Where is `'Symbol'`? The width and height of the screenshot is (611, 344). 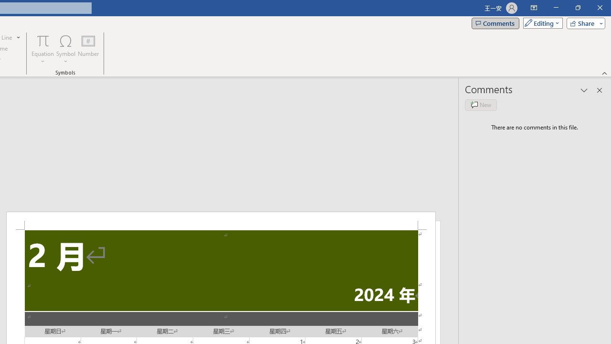 'Symbol' is located at coordinates (65, 49).